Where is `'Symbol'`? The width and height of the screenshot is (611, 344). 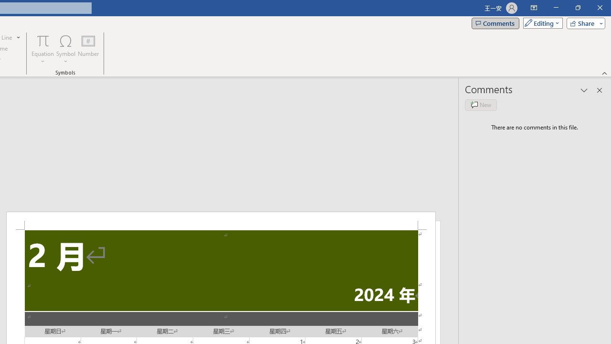 'Symbol' is located at coordinates (65, 49).